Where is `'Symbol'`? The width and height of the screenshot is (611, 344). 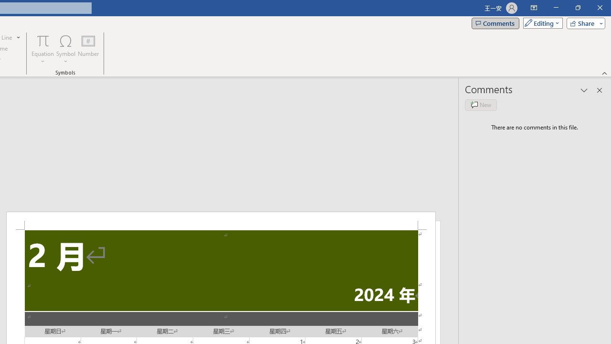 'Symbol' is located at coordinates (65, 49).